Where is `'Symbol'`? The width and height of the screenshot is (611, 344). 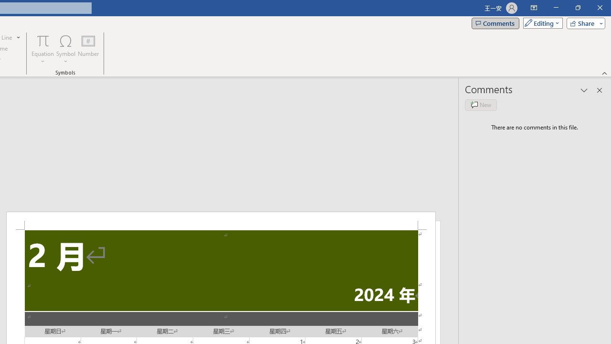 'Symbol' is located at coordinates (65, 49).